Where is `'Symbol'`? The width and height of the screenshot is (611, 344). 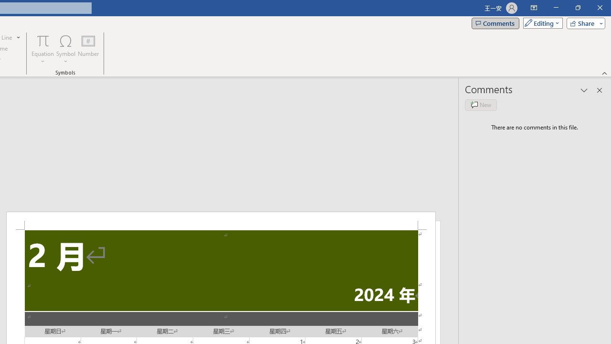 'Symbol' is located at coordinates (65, 49).